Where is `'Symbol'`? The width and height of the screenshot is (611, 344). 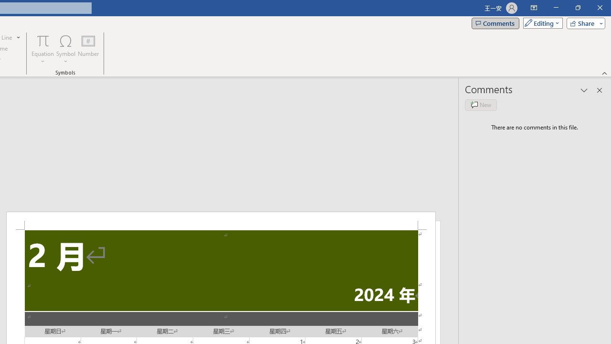 'Symbol' is located at coordinates (65, 49).